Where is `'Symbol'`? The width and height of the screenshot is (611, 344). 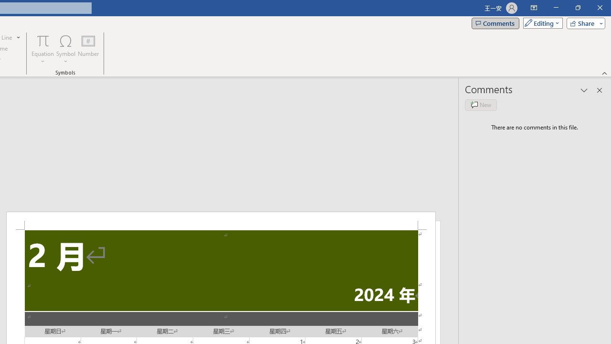 'Symbol' is located at coordinates (65, 49).